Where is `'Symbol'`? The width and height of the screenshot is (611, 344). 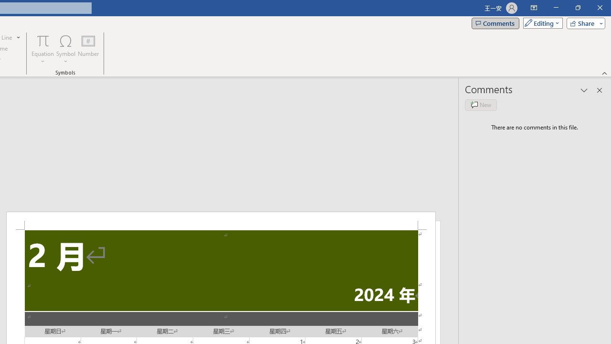 'Symbol' is located at coordinates (65, 49).